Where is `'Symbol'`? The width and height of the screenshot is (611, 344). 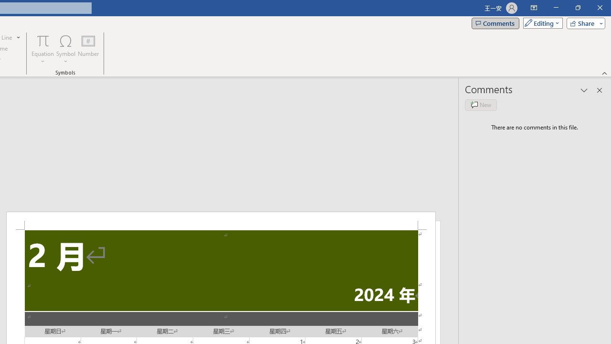 'Symbol' is located at coordinates (65, 49).